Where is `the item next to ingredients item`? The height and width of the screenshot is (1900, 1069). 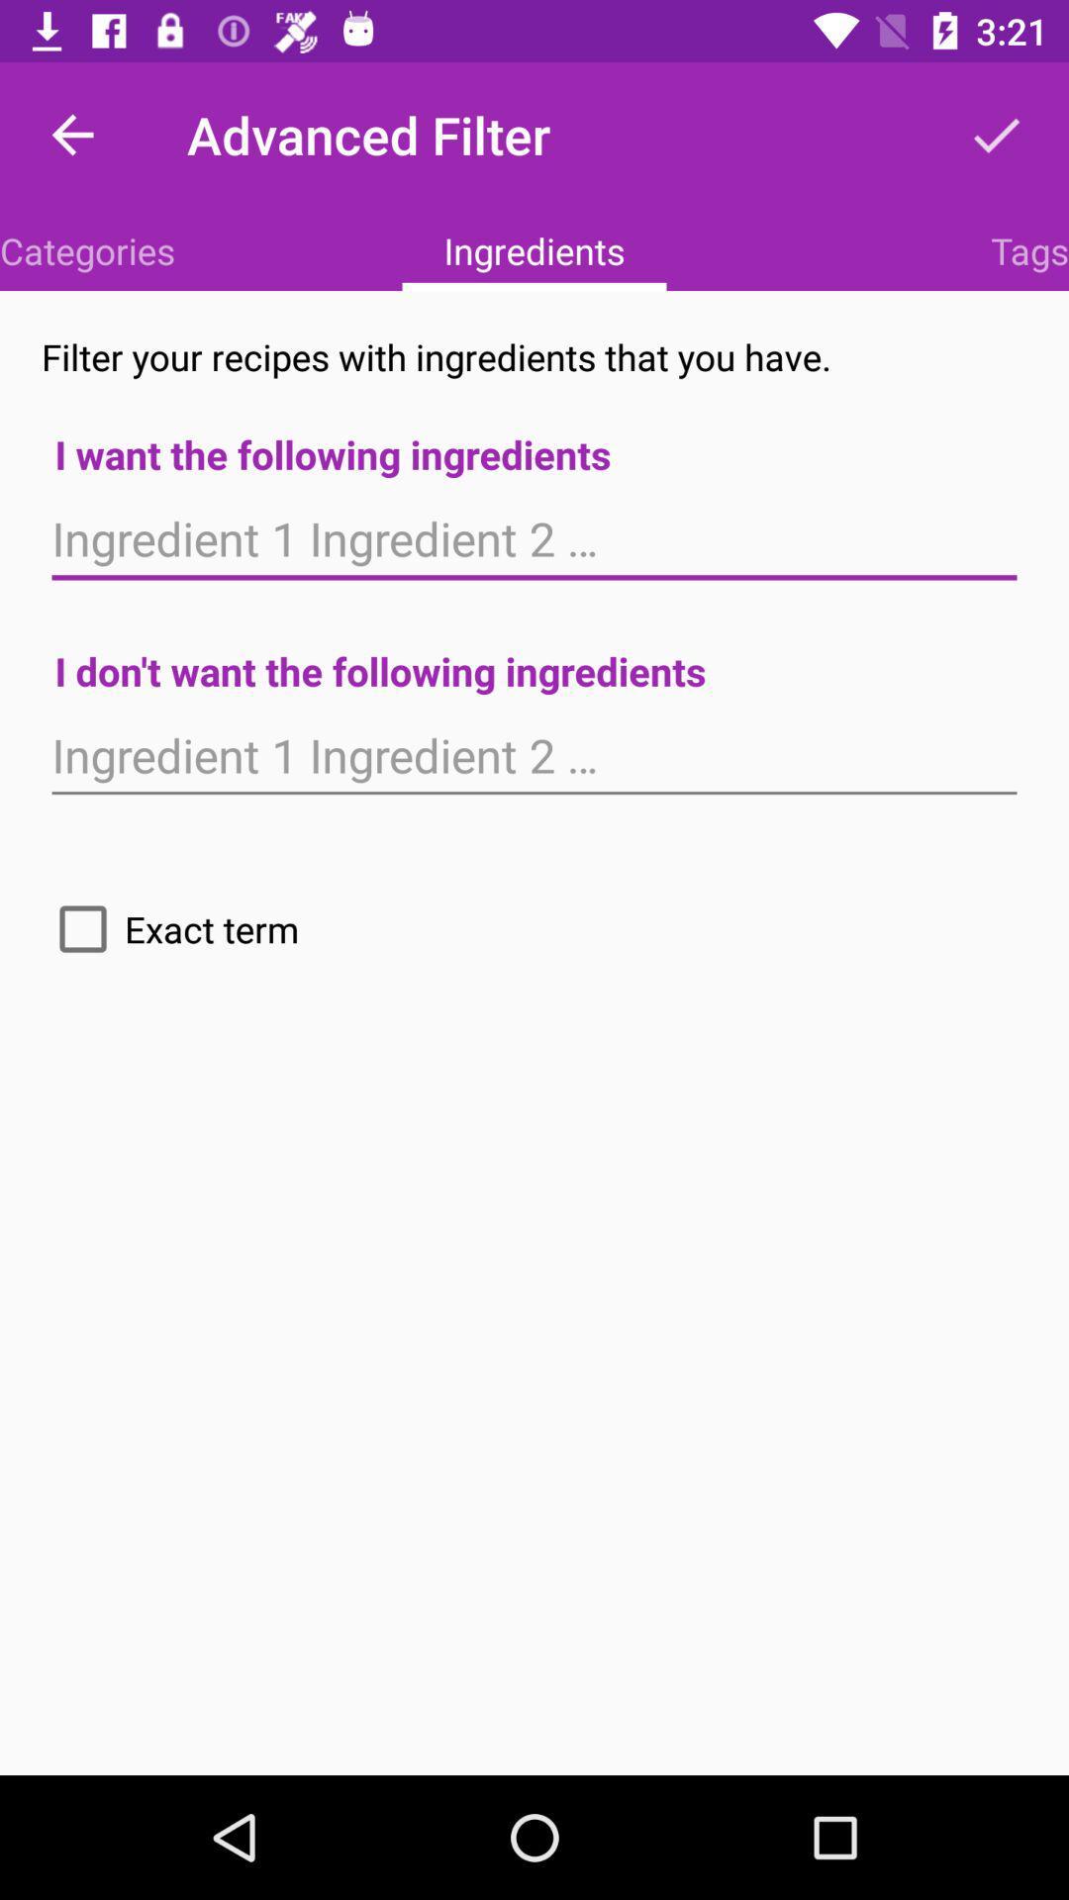 the item next to ingredients item is located at coordinates (86, 249).